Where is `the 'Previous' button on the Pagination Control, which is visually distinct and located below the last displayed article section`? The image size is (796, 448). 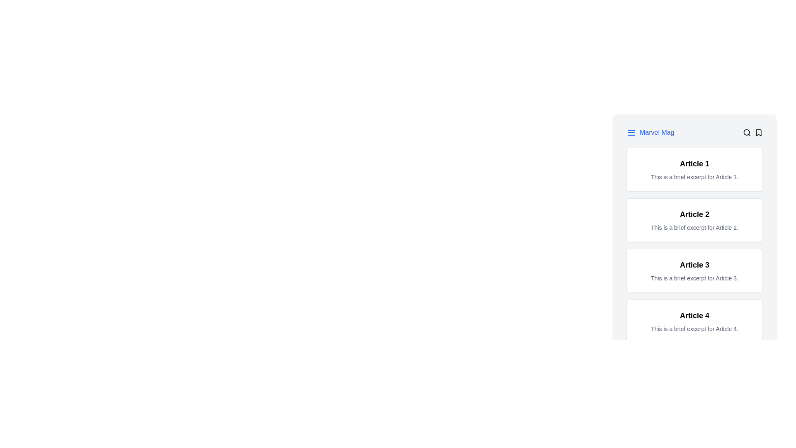
the 'Previous' button on the Pagination Control, which is visually distinct and located below the last displayed article section is located at coordinates (694, 412).